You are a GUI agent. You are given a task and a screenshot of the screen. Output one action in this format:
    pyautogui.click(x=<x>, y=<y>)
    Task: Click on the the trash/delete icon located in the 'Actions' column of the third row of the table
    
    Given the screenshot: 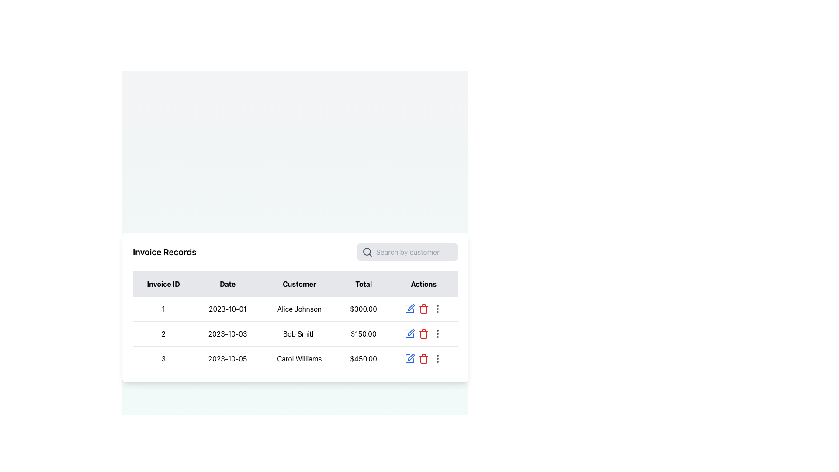 What is the action you would take?
    pyautogui.click(x=423, y=359)
    